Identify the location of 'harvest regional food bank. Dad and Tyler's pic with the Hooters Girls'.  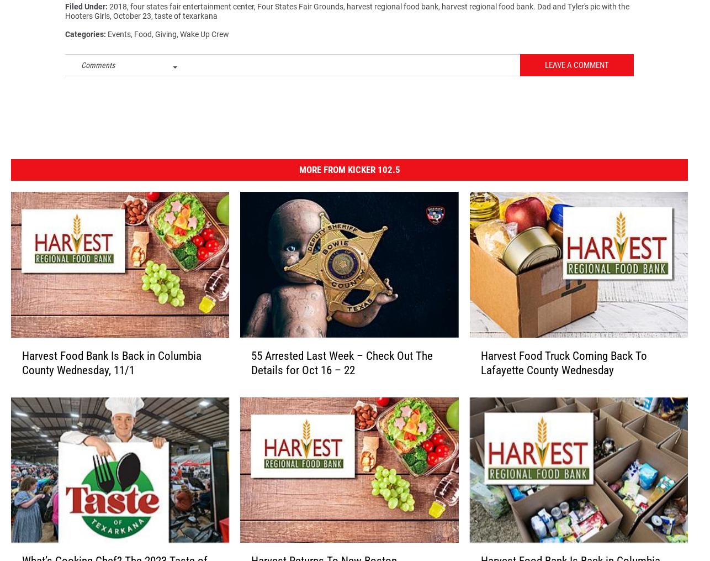
(346, 15).